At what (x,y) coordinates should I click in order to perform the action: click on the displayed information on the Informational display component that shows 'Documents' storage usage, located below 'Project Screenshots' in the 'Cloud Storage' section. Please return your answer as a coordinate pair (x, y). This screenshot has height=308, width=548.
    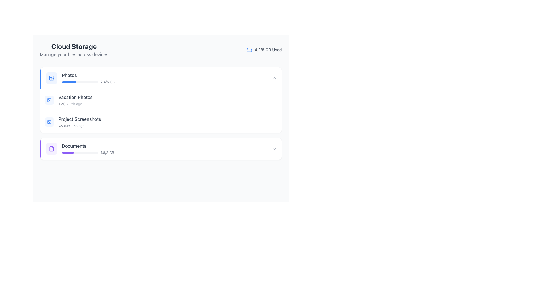
    Looking at the image, I should click on (80, 148).